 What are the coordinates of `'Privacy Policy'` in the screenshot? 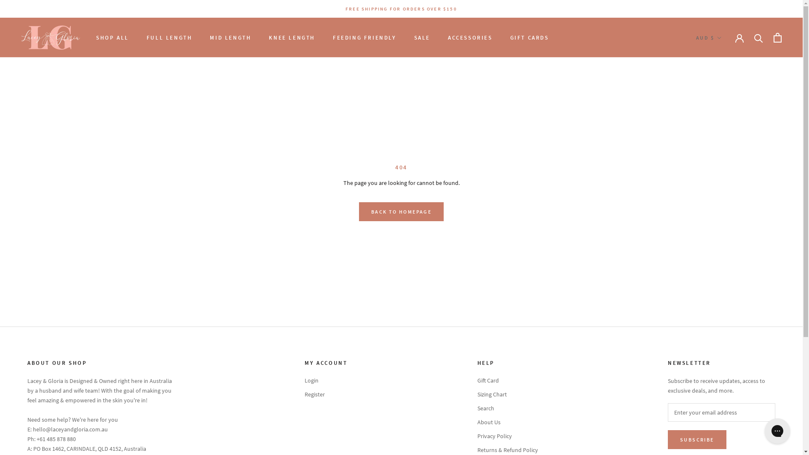 It's located at (507, 436).